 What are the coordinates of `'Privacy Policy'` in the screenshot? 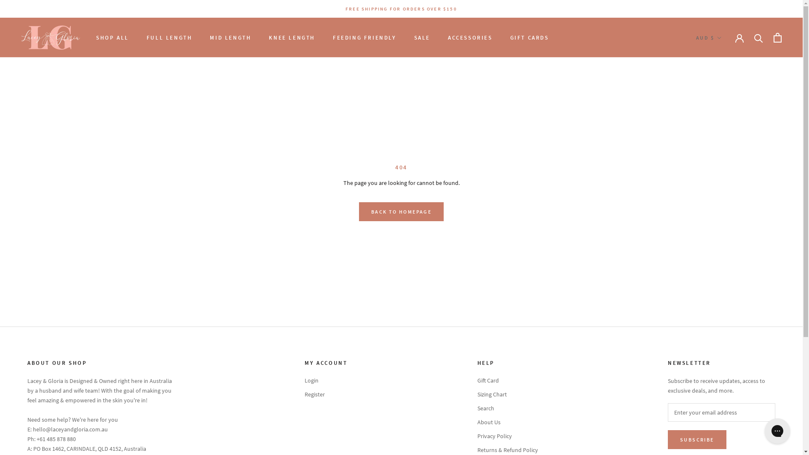 It's located at (507, 436).